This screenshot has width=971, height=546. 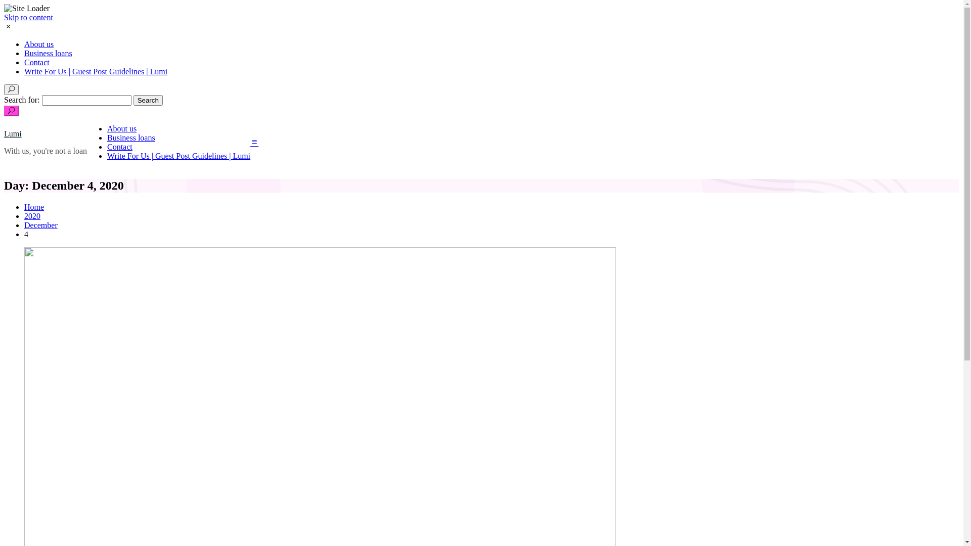 What do you see at coordinates (38, 43) in the screenshot?
I see `'About us'` at bounding box center [38, 43].